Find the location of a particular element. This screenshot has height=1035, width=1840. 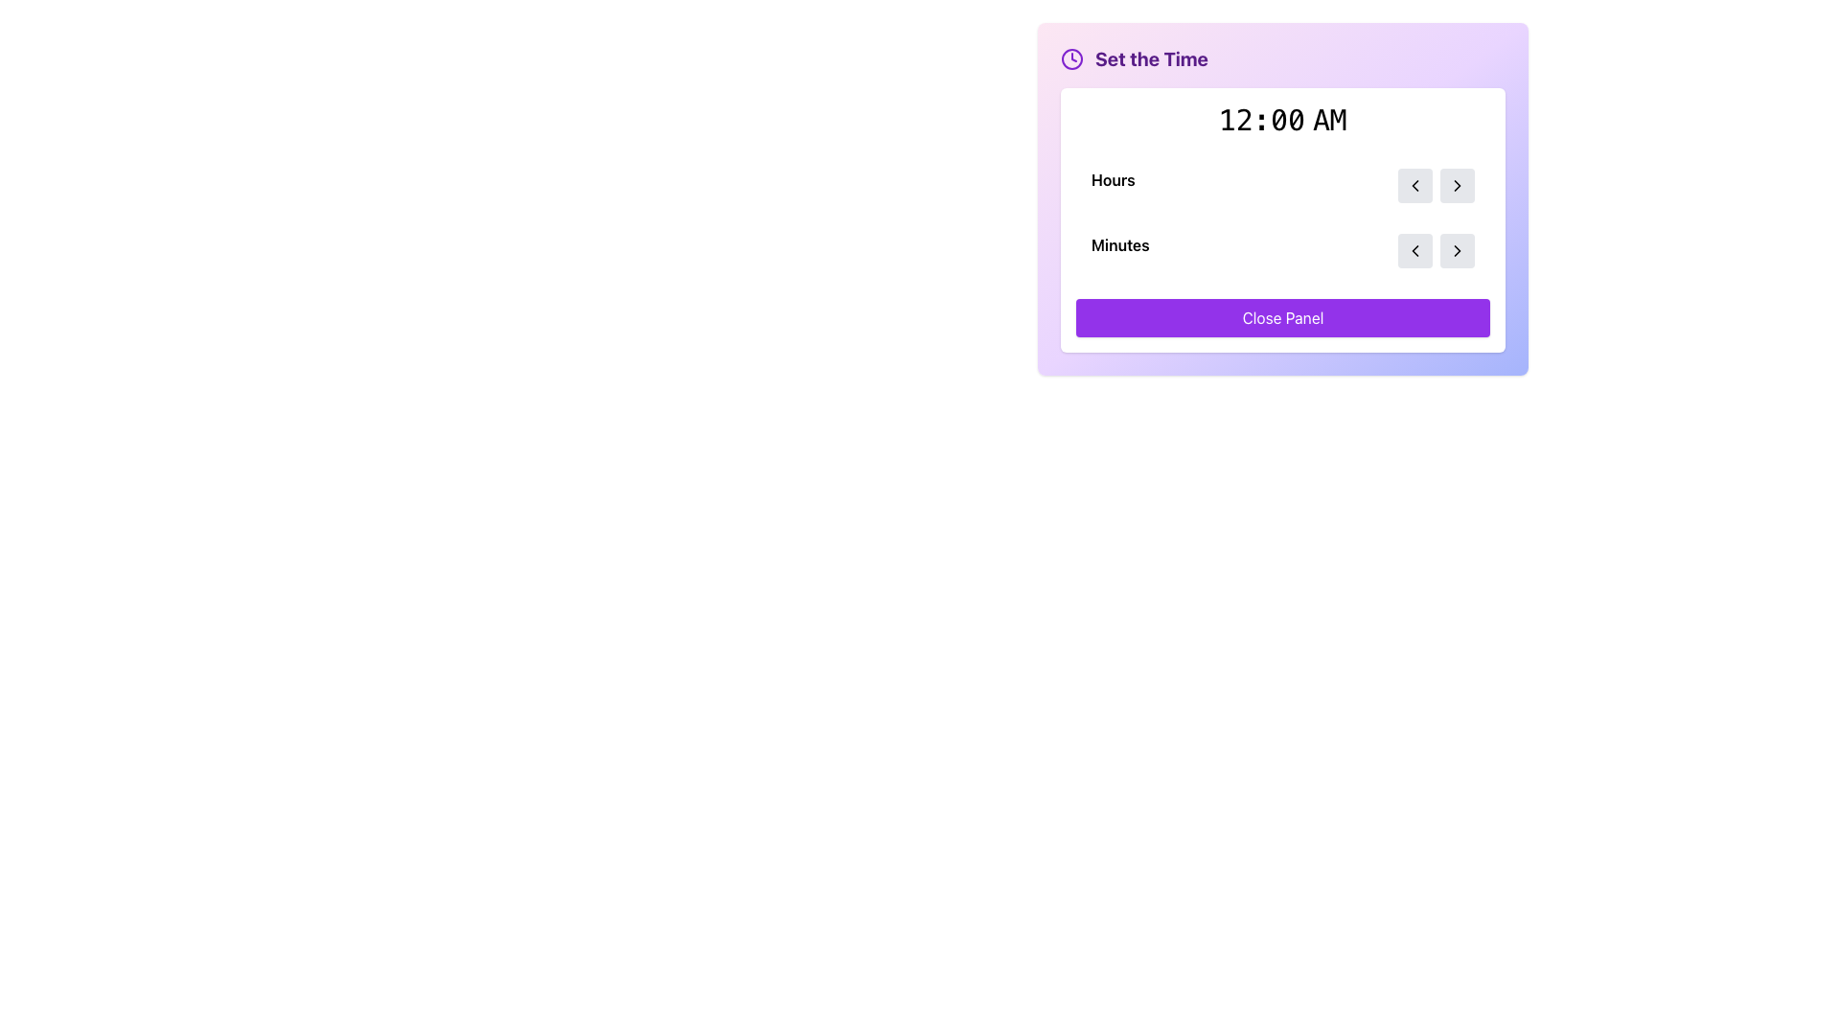

the right chevron icon to increase the minutes in the time display, located under the 'Minutes' label in the 'Set the Time' panel is located at coordinates (1436, 250).